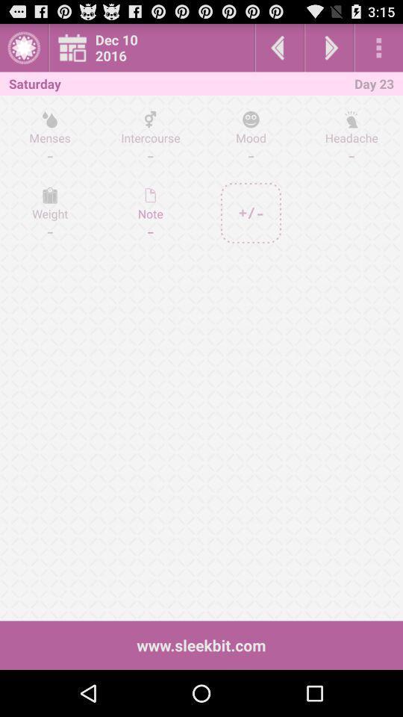 The height and width of the screenshot is (717, 403). Describe the element at coordinates (251, 212) in the screenshot. I see `on` at that location.